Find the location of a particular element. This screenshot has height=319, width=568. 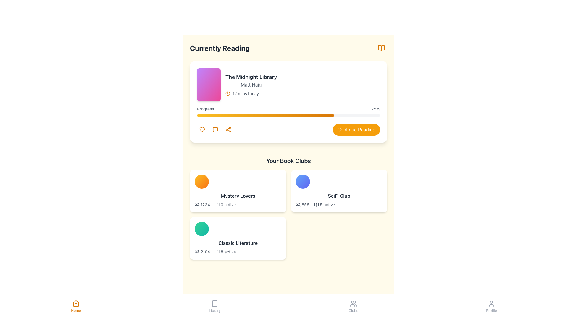

text label that identifies the book club, located in the bottom-left region of the 'Your Book Clubs' section, below the orange gradient avatar circle is located at coordinates (238, 196).